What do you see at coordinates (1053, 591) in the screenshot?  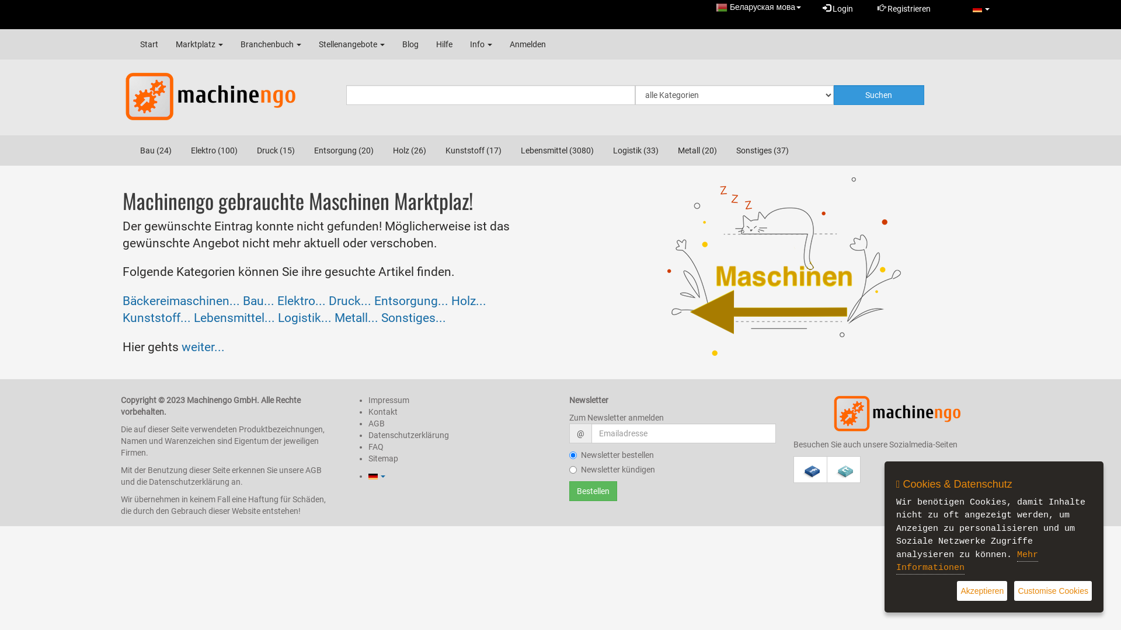 I see `'Customise Cookies'` at bounding box center [1053, 591].